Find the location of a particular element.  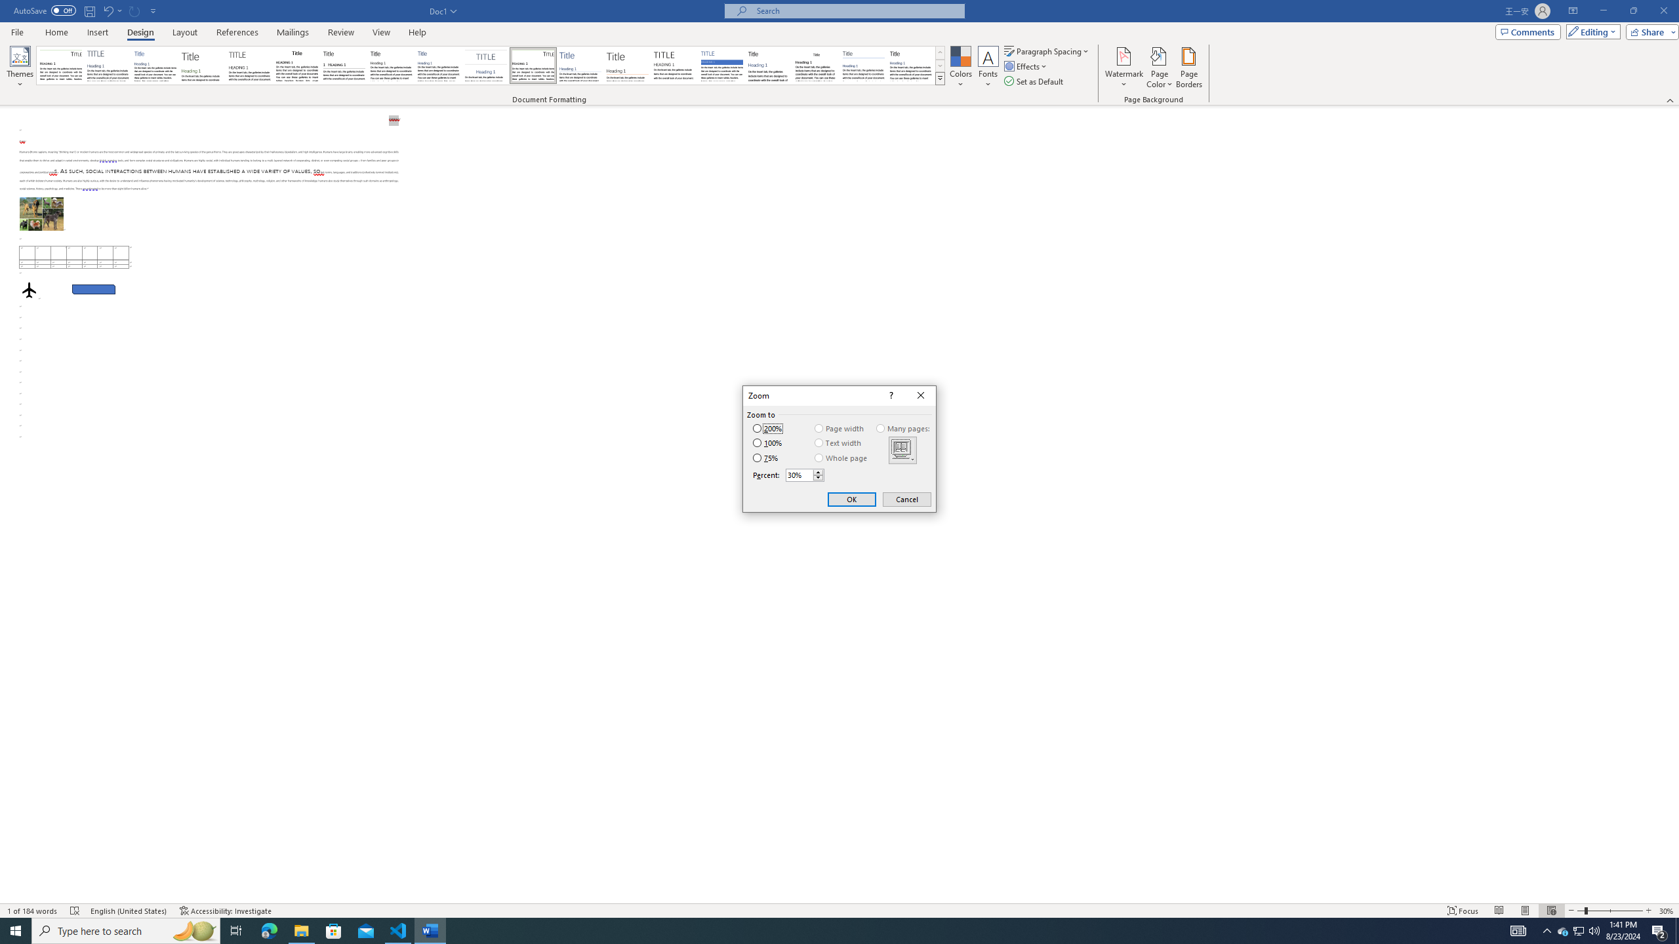

'Black & White (Capitalized)' is located at coordinates (249, 65).